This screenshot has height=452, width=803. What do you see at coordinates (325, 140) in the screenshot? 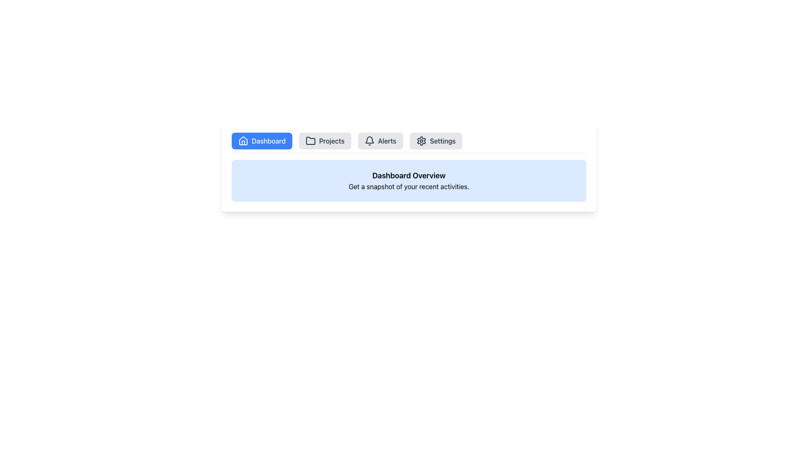
I see `the 'Projects' navigation button located in the horizontal navigation bar between 'Dashboard' and 'Alerts'` at bounding box center [325, 140].